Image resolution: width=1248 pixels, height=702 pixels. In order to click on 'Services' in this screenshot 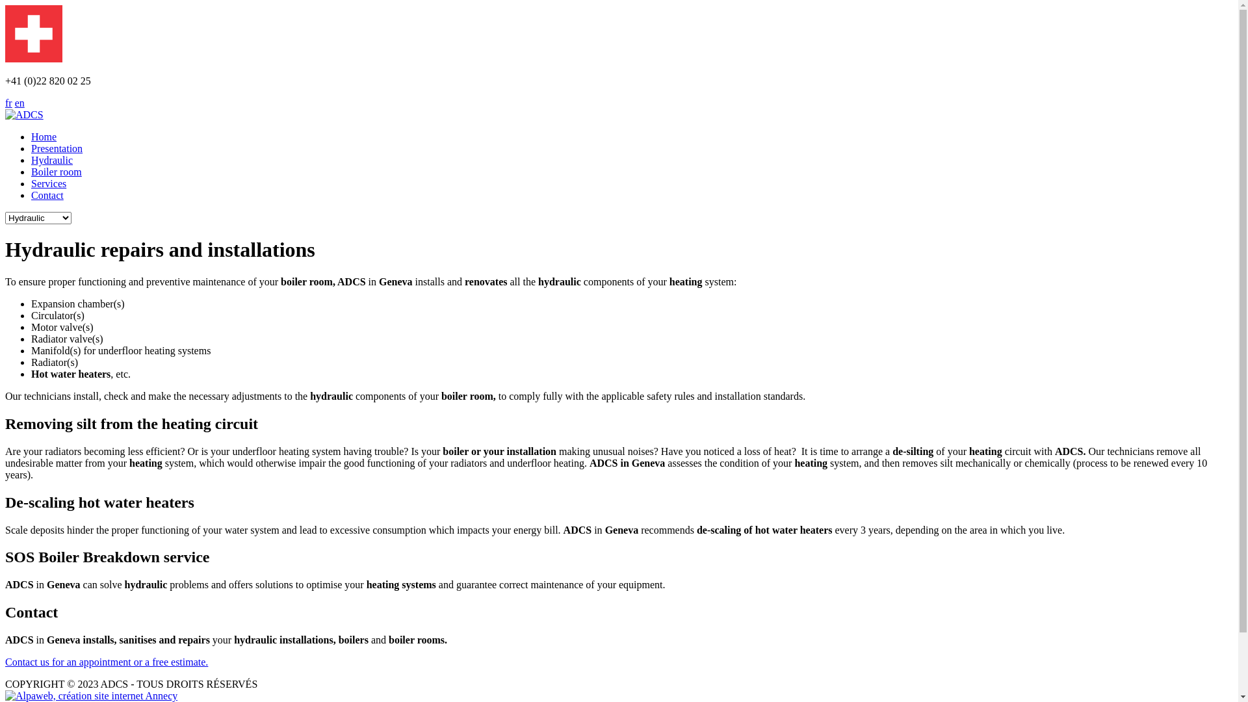, I will do `click(49, 183)`.